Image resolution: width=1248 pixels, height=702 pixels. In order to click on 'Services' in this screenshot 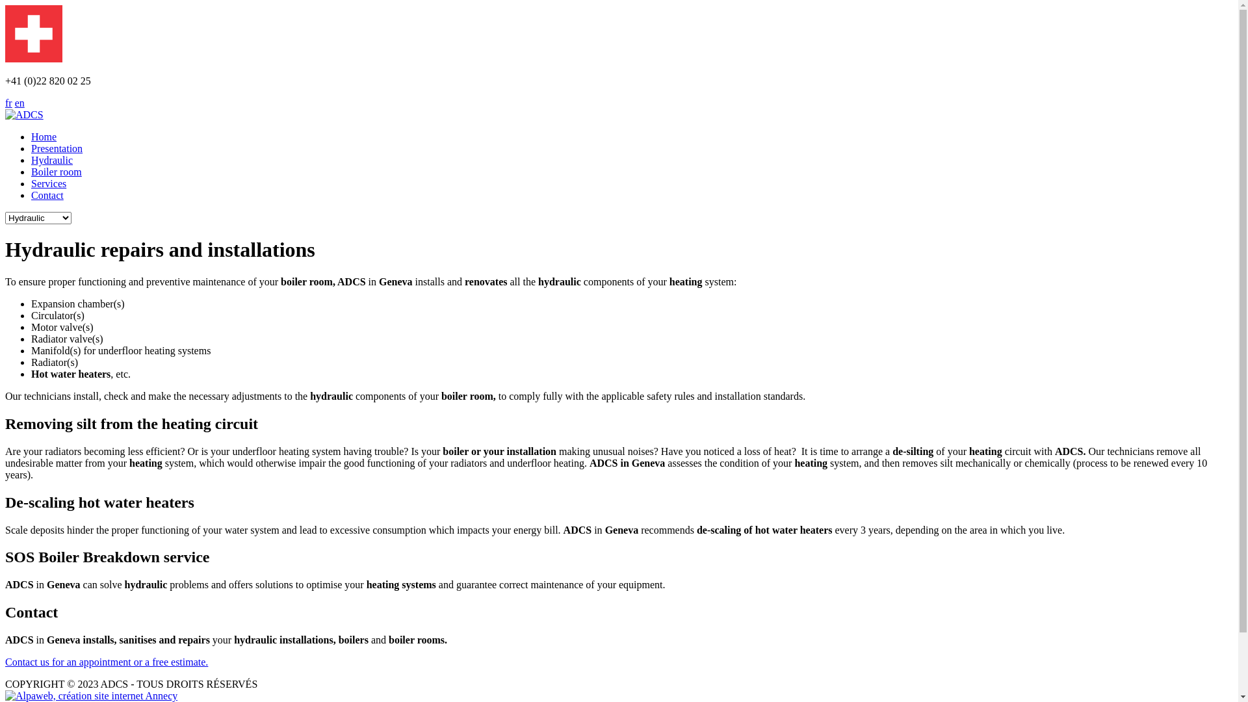, I will do `click(49, 183)`.